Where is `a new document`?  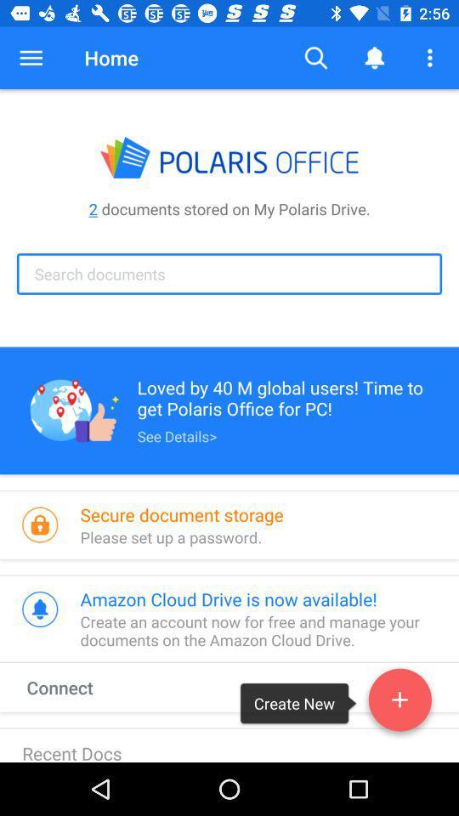 a new document is located at coordinates (399, 703).